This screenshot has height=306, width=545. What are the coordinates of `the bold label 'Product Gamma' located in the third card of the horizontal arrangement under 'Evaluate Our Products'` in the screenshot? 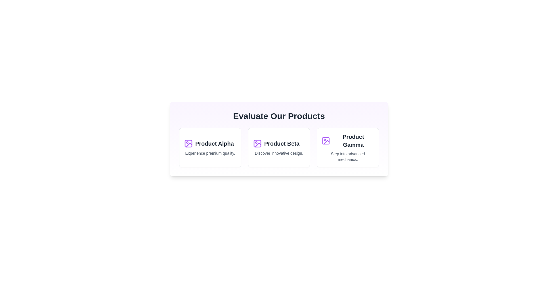 It's located at (347, 141).